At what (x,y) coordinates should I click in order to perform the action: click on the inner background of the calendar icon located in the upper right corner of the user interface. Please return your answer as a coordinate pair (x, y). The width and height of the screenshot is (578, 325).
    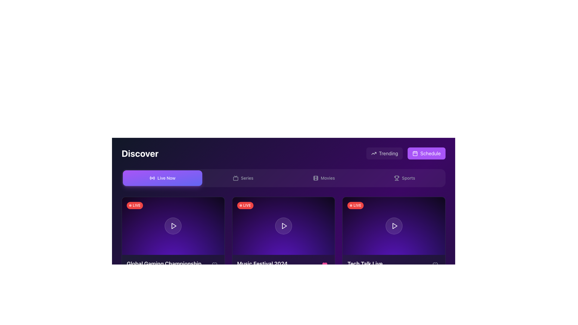
    Looking at the image, I should click on (415, 153).